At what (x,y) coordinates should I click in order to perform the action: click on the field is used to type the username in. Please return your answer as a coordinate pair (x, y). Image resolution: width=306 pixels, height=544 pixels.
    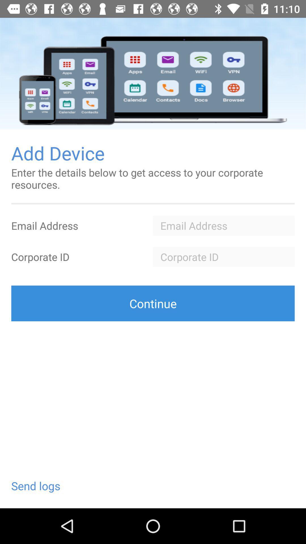
    Looking at the image, I should click on (224, 225).